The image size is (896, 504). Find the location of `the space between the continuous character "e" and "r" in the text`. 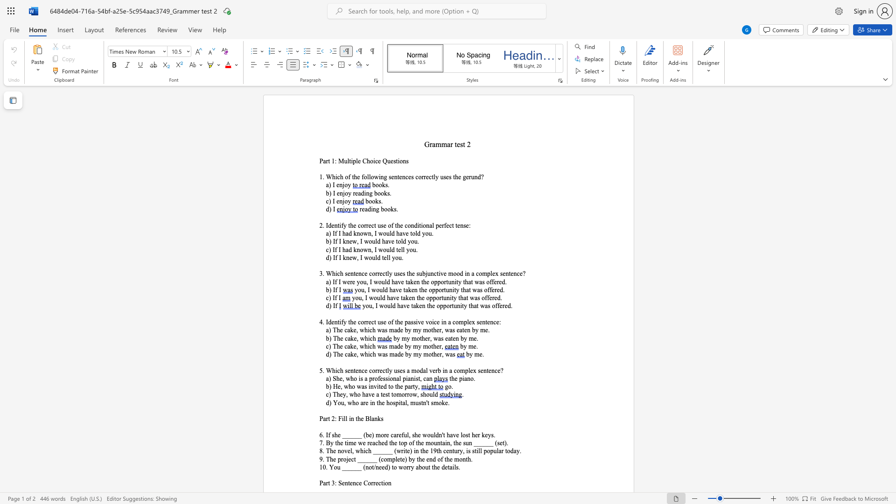

the space between the continuous character "e" and "r" in the text is located at coordinates (491, 298).